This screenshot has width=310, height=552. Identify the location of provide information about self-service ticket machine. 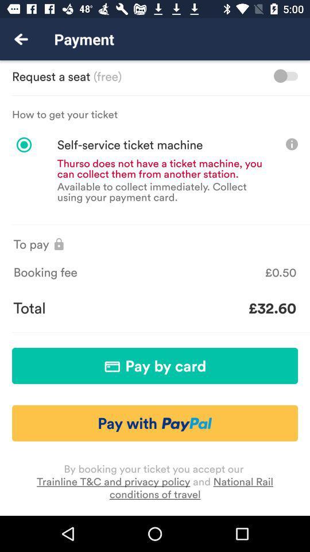
(292, 143).